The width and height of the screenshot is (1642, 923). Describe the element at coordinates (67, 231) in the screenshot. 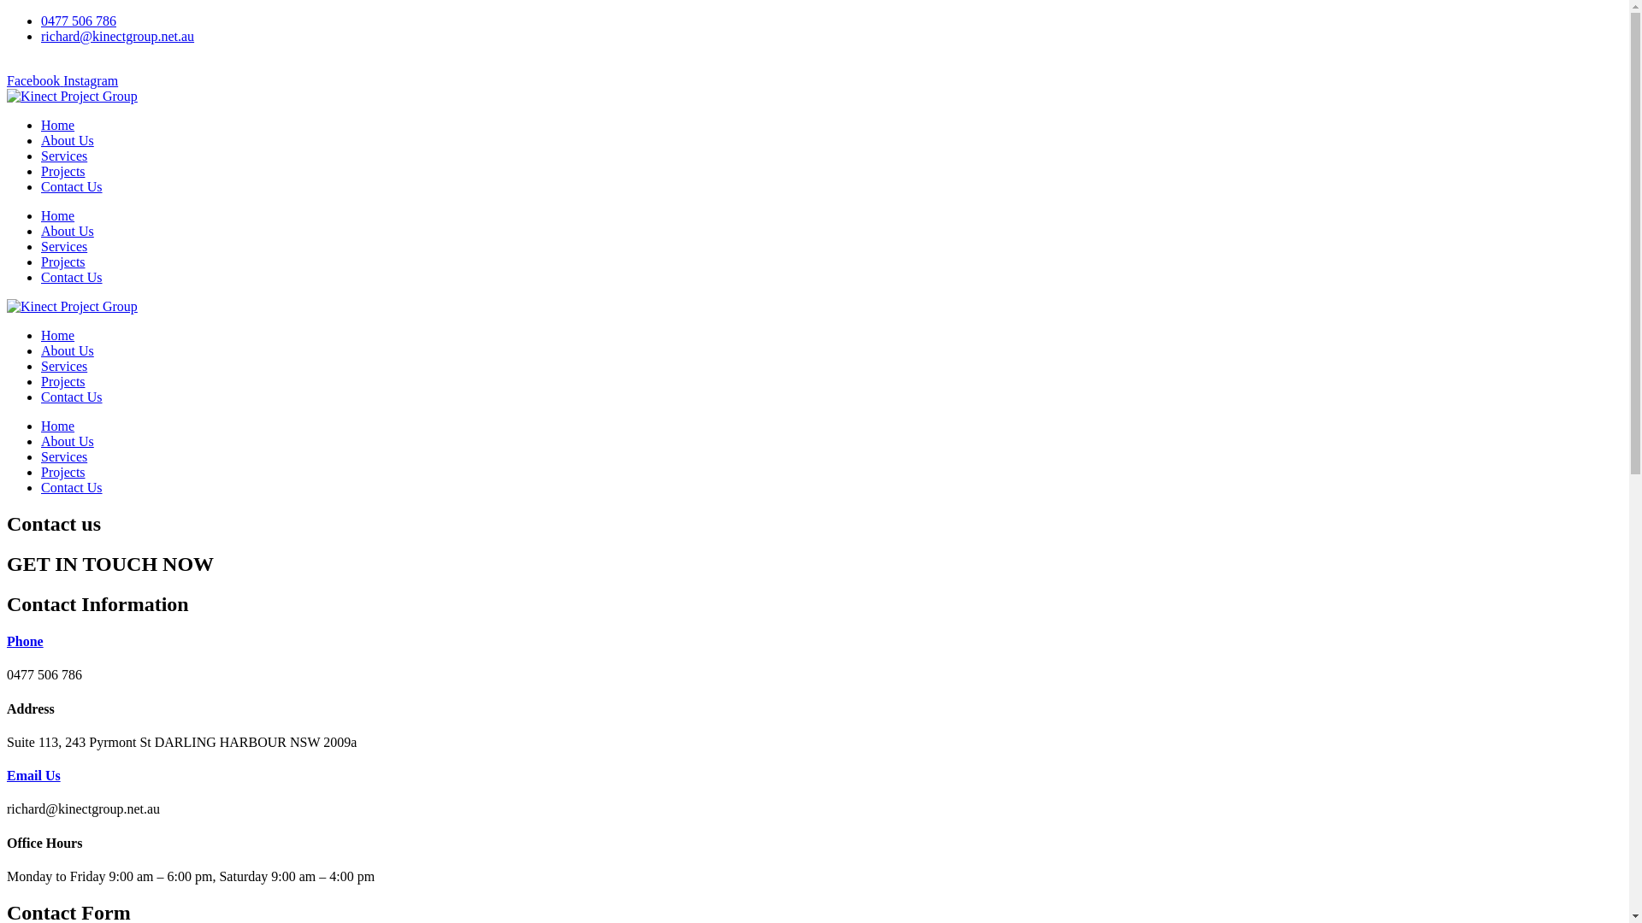

I see `'About Us'` at that location.